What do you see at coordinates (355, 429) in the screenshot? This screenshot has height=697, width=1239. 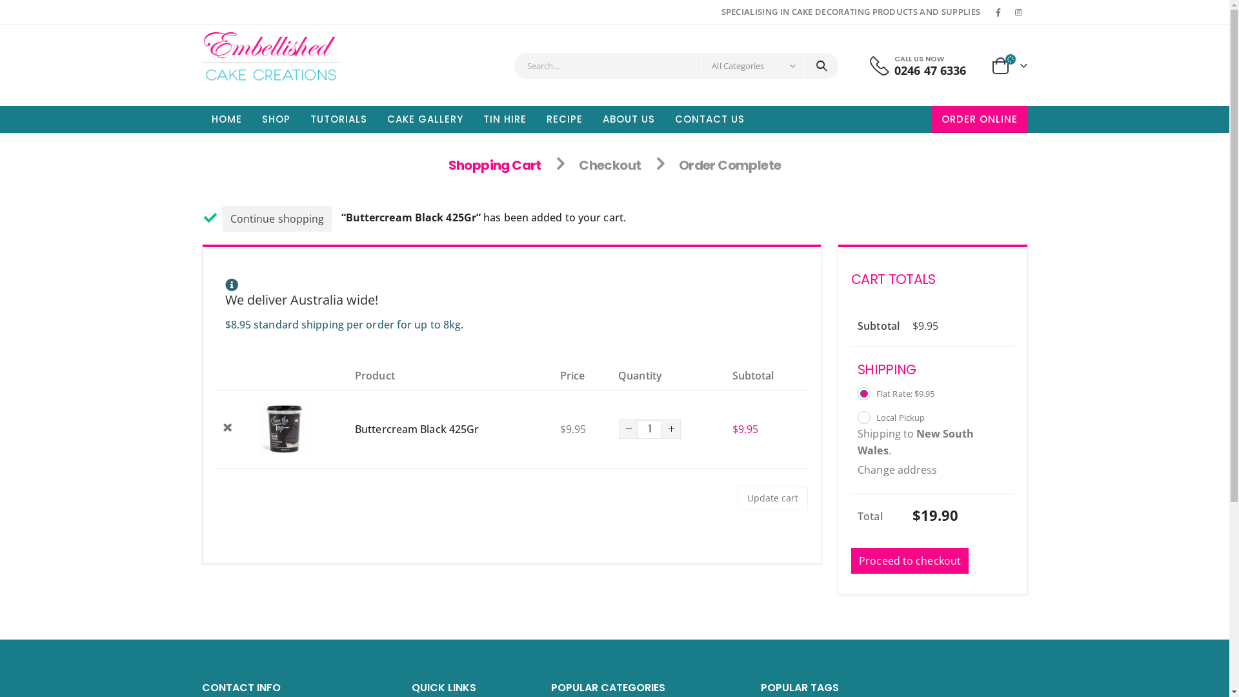 I see `'Buttercream Black 425Gr'` at bounding box center [355, 429].